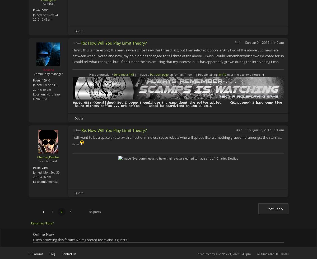  Describe the element at coordinates (281, 254) in the screenshot. I see `'UTC-06:00'` at that location.